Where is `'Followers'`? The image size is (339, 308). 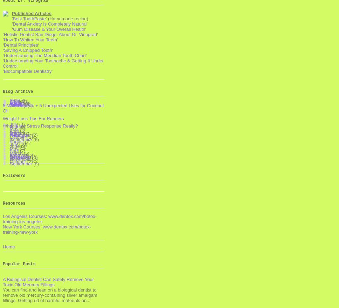
'Followers' is located at coordinates (14, 175).